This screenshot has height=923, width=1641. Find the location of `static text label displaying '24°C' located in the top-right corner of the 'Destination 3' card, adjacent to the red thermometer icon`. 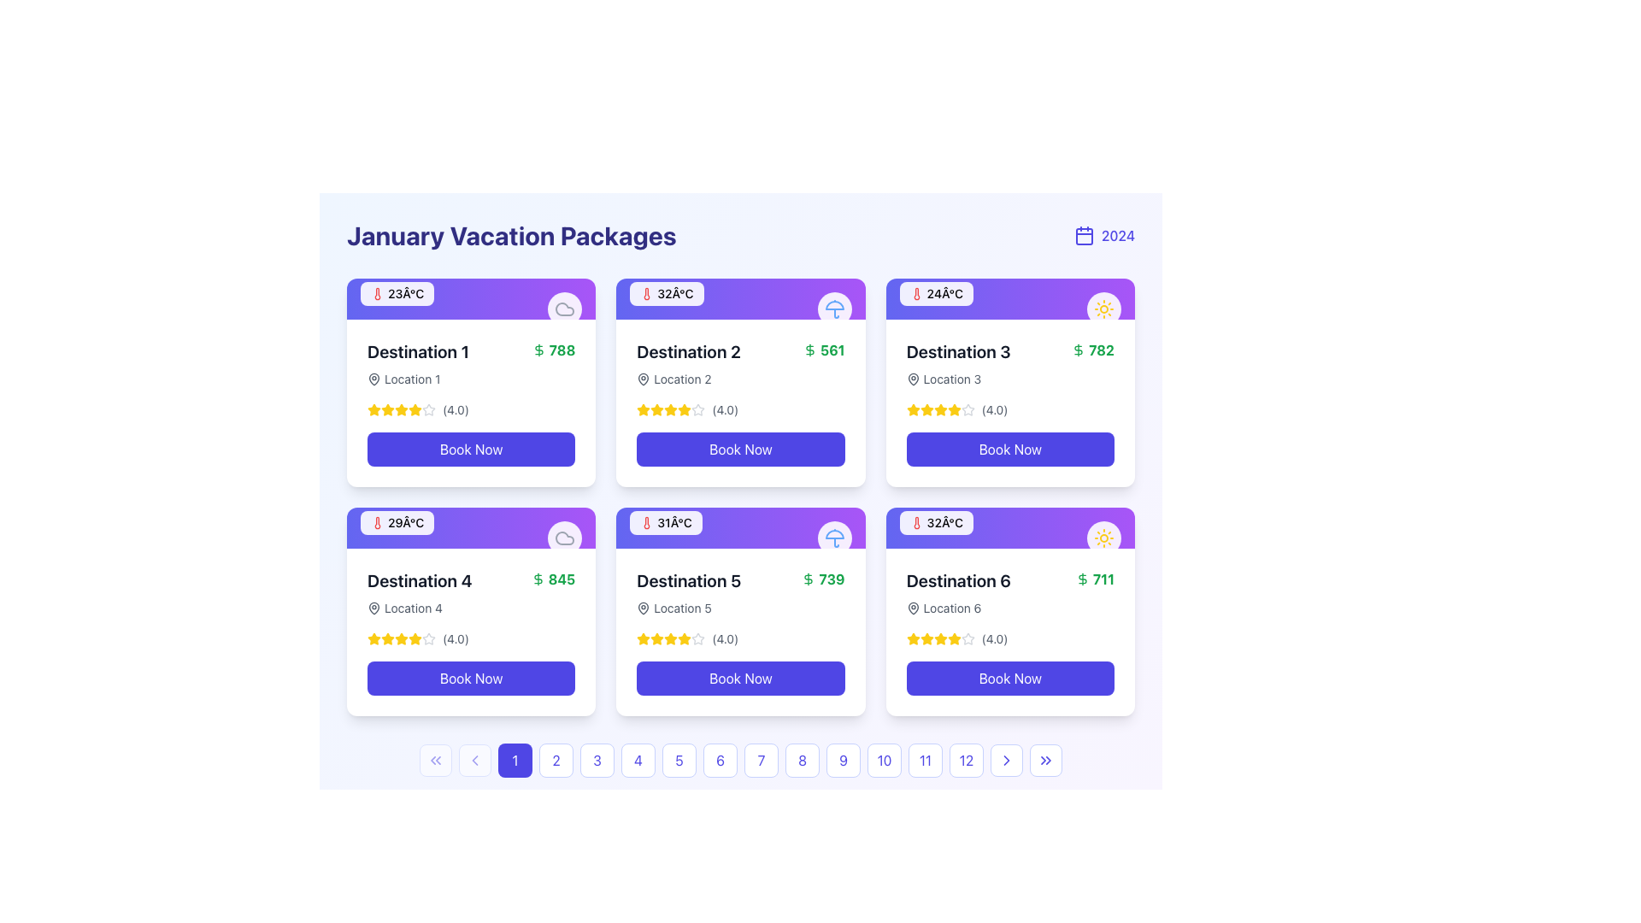

static text label displaying '24°C' located in the top-right corner of the 'Destination 3' card, adjacent to the red thermometer icon is located at coordinates (944, 292).